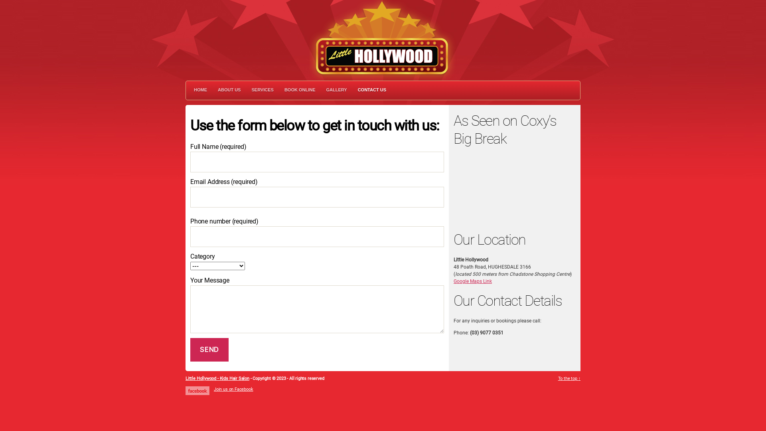 This screenshot has width=766, height=431. Describe the element at coordinates (185, 378) in the screenshot. I see `'Little Hollywood - Kids Hair Salon'` at that location.